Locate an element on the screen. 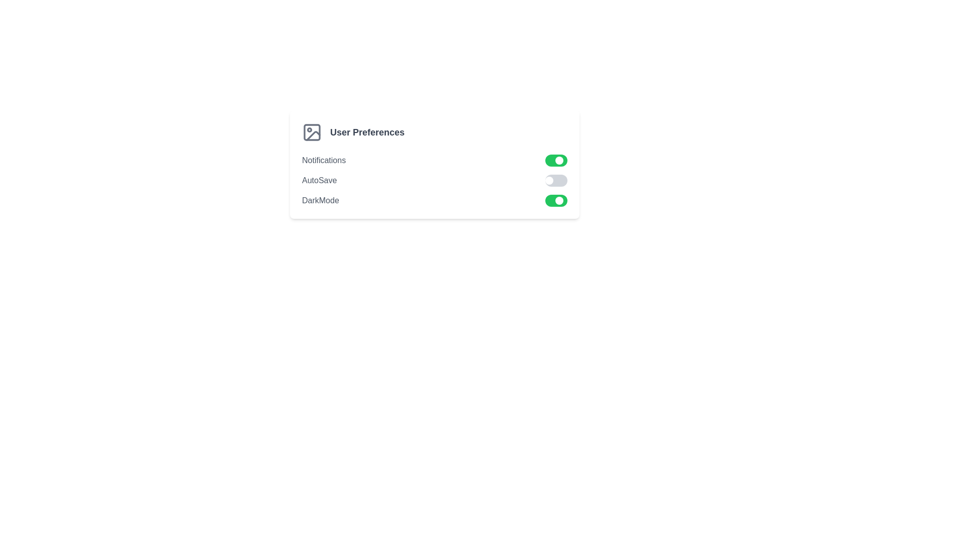 Image resolution: width=965 pixels, height=542 pixels. the circular toggle knob for the 'Autosave' preference in the 'User Preferences' interface is located at coordinates (549, 180).